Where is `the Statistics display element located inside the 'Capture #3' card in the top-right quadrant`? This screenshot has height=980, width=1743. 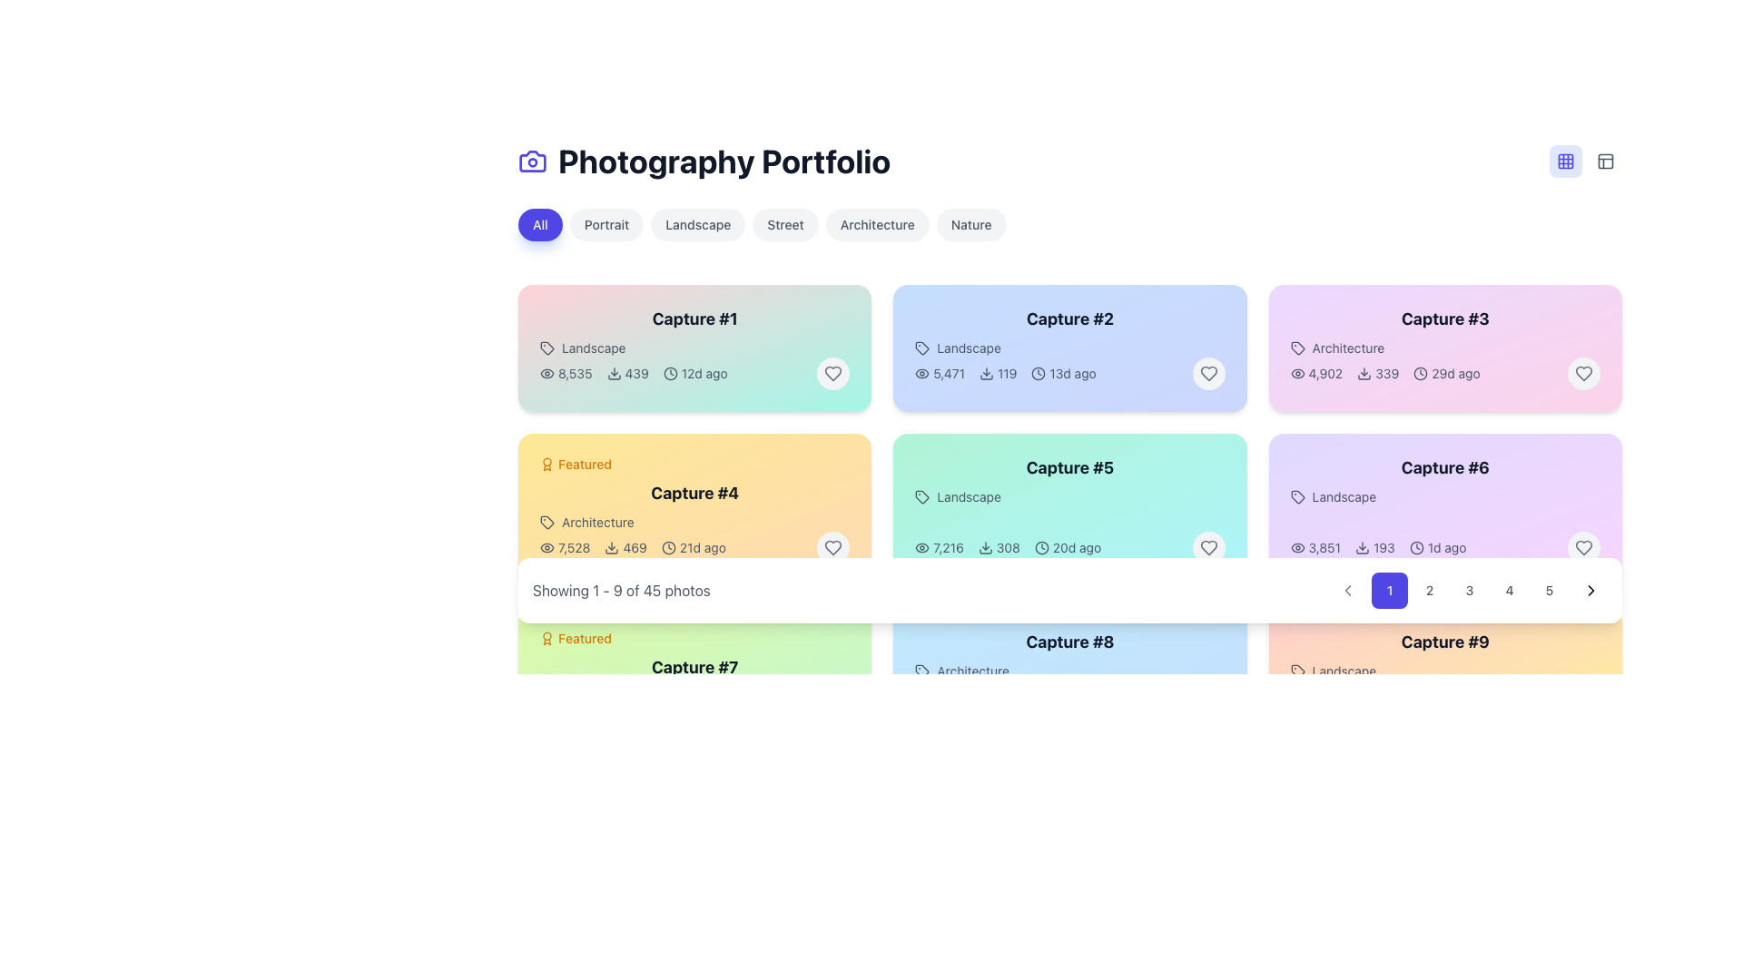 the Statistics display element located inside the 'Capture #3' card in the top-right quadrant is located at coordinates (1384, 373).